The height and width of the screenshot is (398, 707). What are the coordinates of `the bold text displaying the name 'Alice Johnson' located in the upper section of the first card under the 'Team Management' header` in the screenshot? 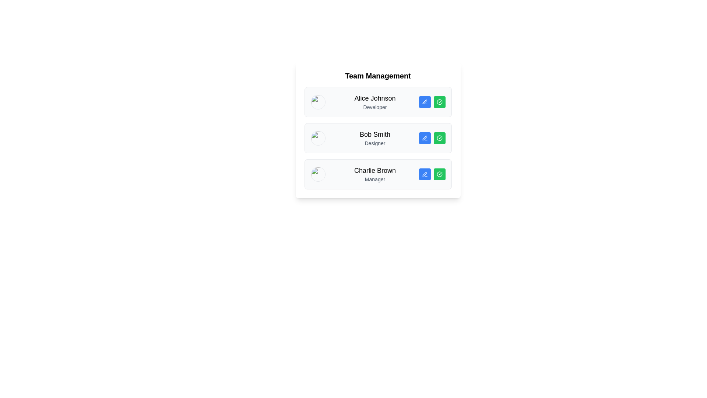 It's located at (375, 98).